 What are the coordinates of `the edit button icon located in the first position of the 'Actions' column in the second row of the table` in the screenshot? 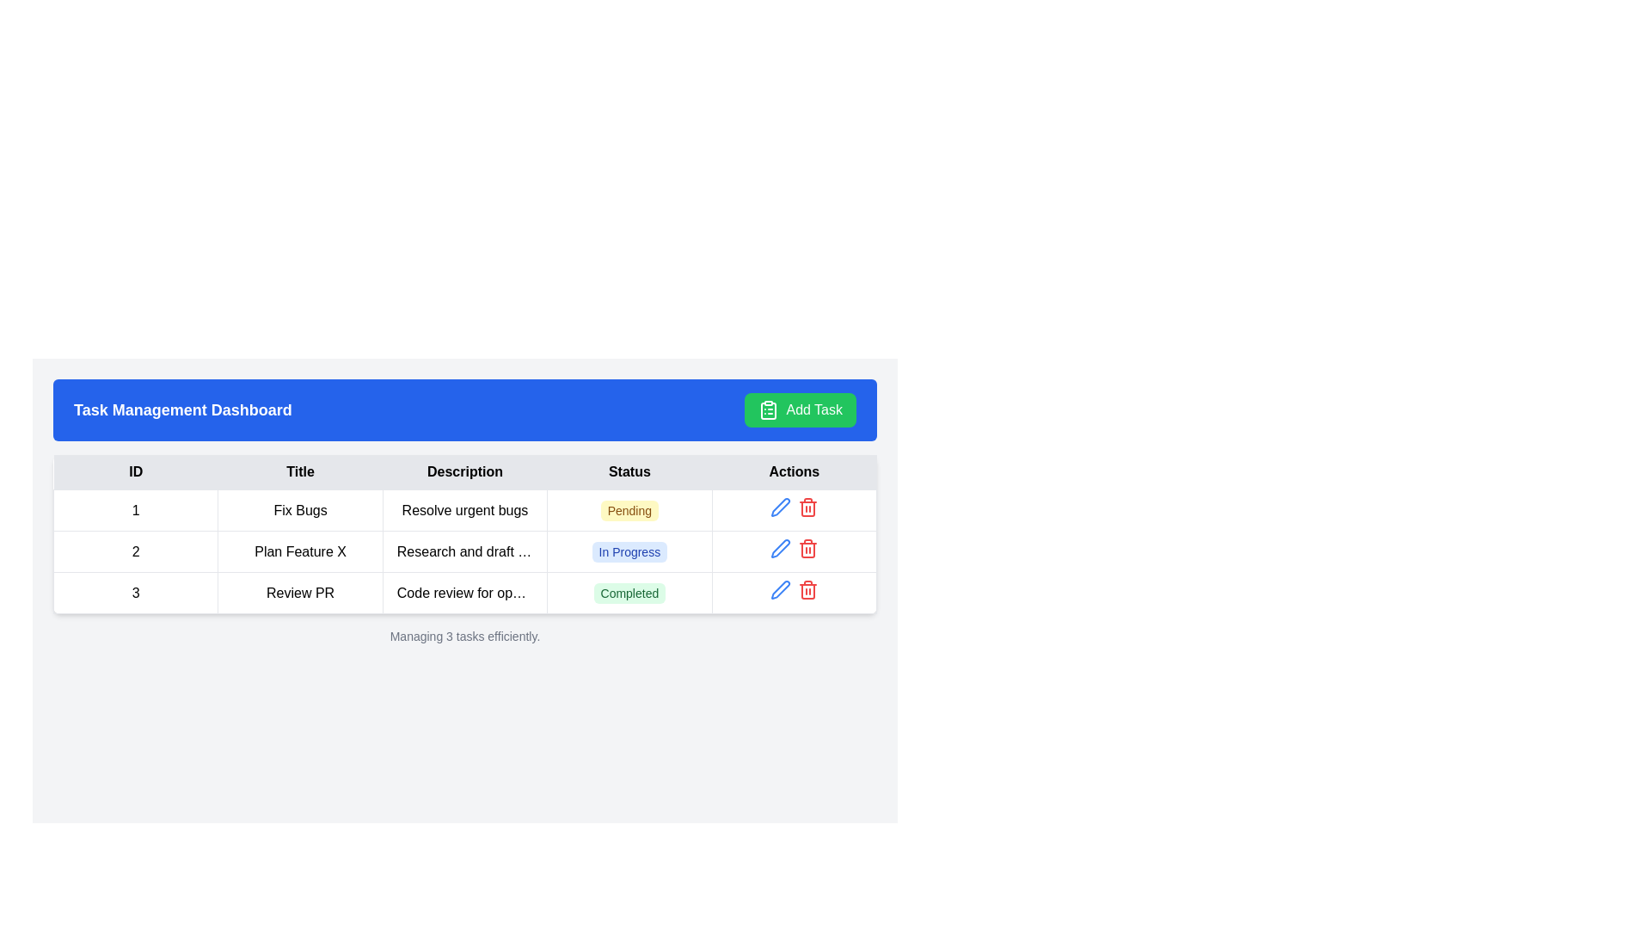 It's located at (779, 589).